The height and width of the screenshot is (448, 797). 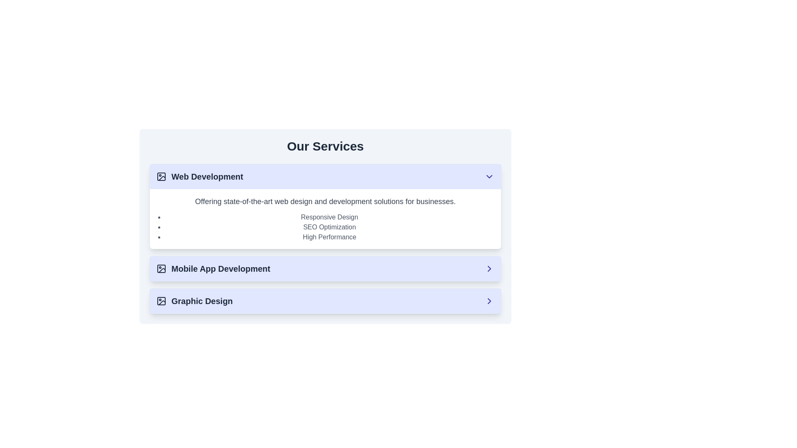 I want to click on the chevron arrow icon located at the rightmost position of the 'Web Development' section header to observe its hover effects, so click(x=489, y=176).